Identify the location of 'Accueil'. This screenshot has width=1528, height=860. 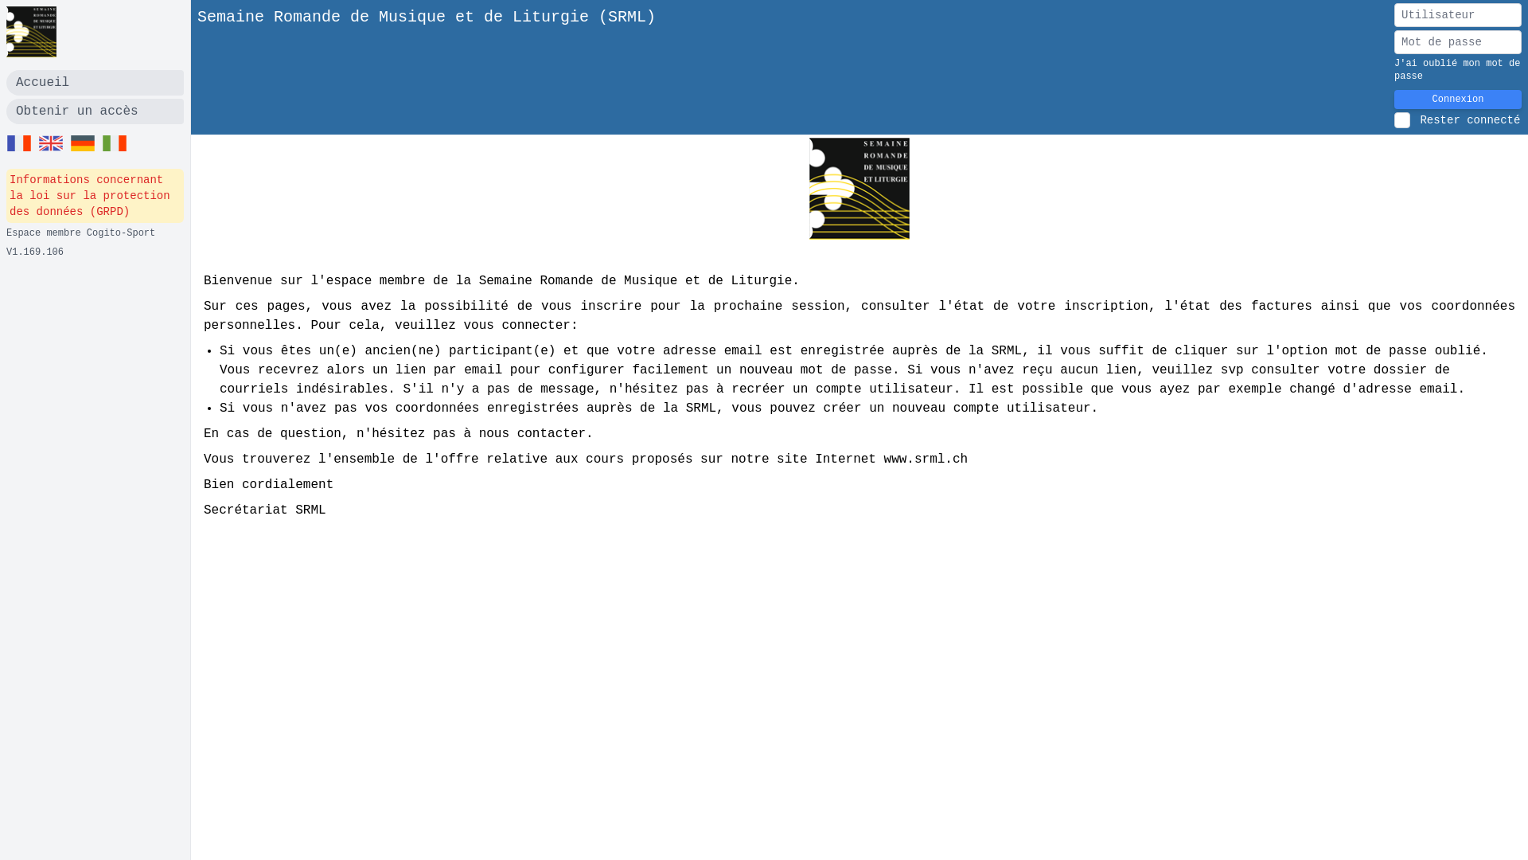
(94, 83).